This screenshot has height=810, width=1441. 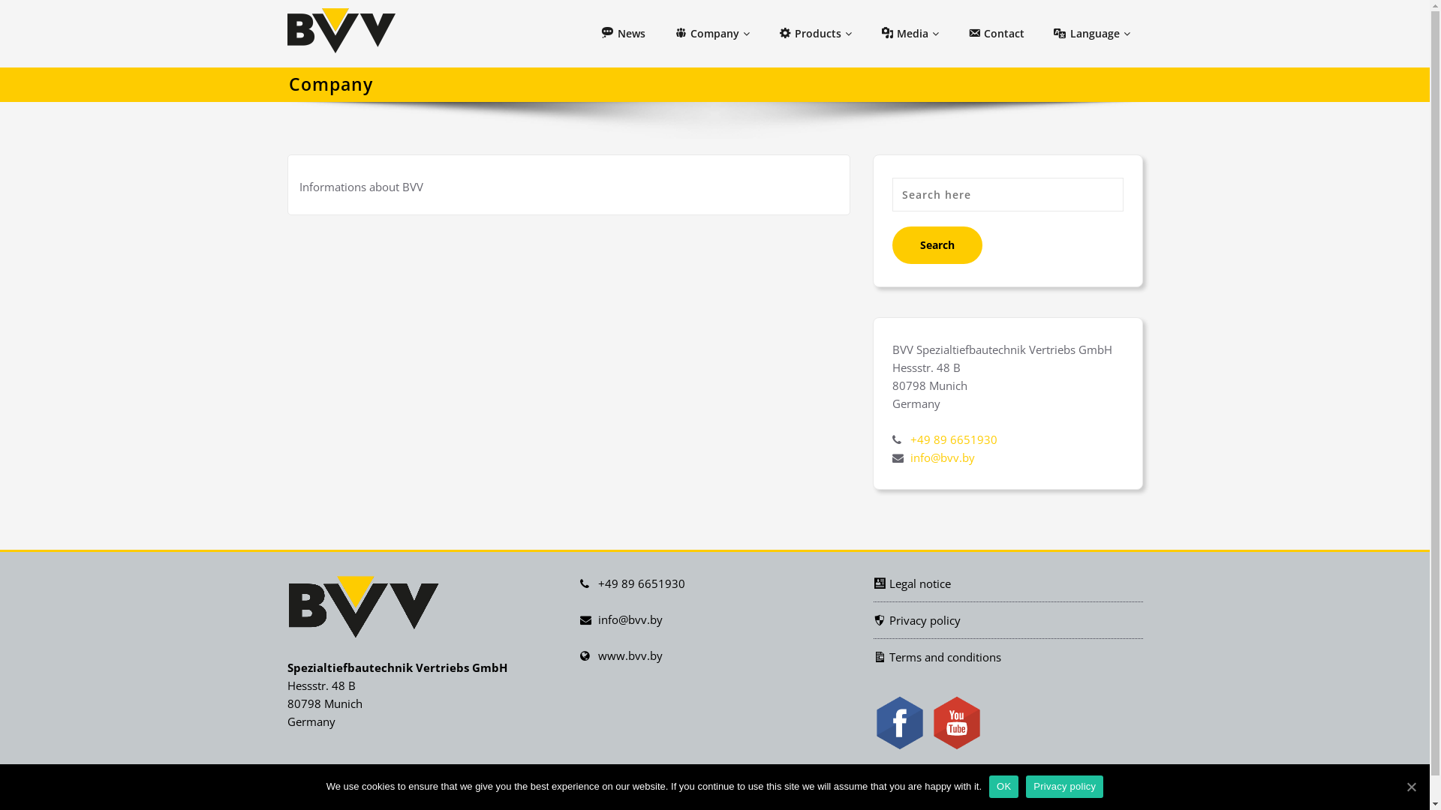 What do you see at coordinates (1003, 786) in the screenshot?
I see `'OK'` at bounding box center [1003, 786].